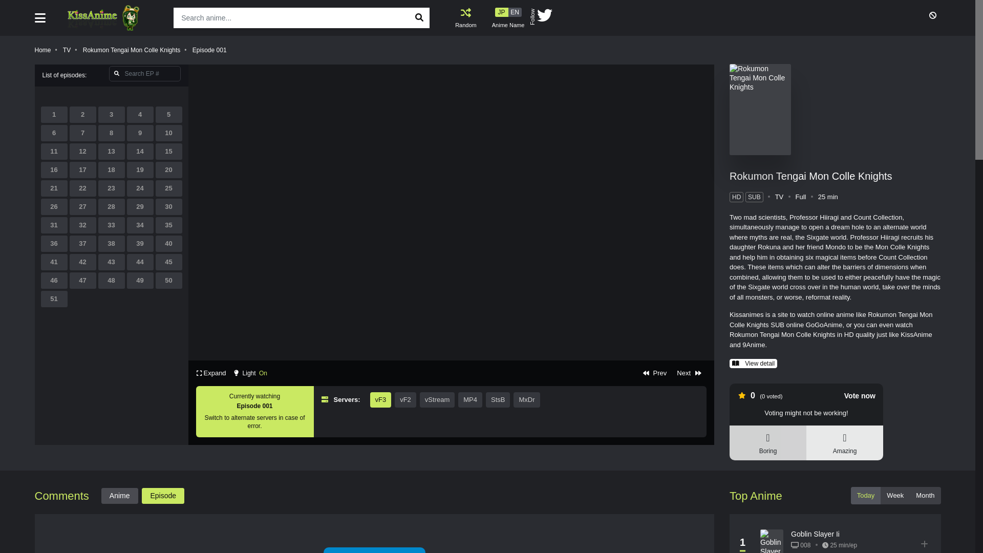  I want to click on 'Episode', so click(162, 495).